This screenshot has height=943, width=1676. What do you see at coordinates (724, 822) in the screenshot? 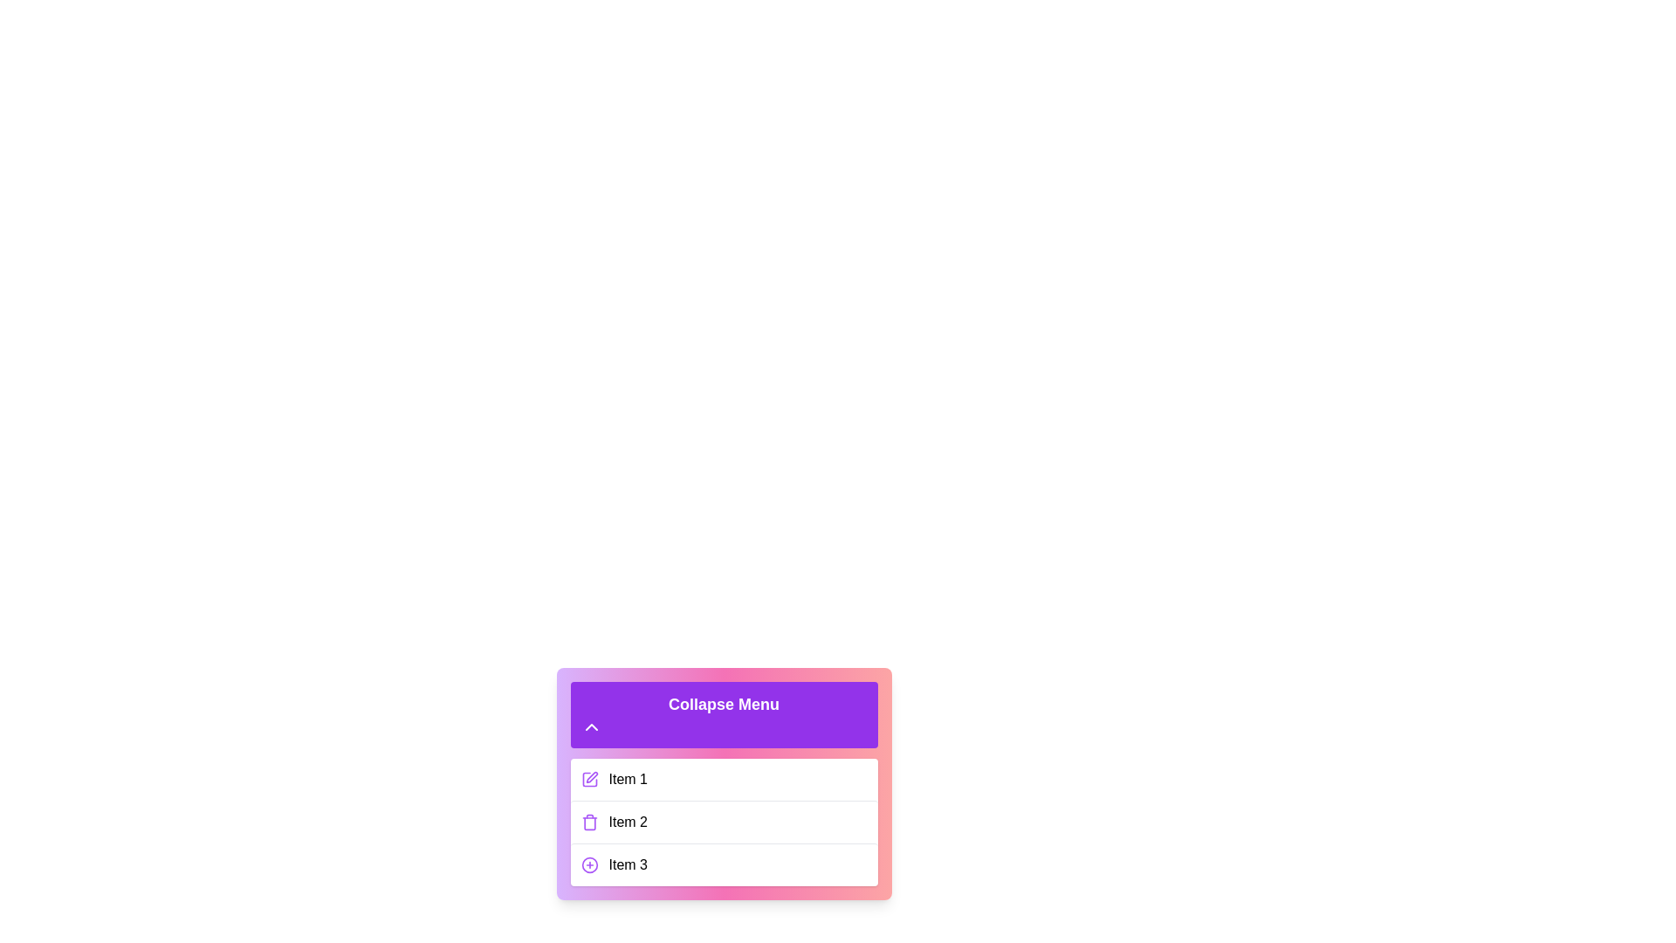
I see `the menu item labeled Item 2` at bounding box center [724, 822].